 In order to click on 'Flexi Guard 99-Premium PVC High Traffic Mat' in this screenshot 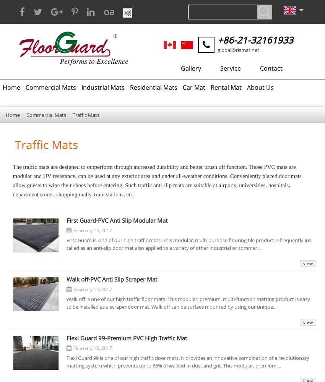, I will do `click(126, 338)`.